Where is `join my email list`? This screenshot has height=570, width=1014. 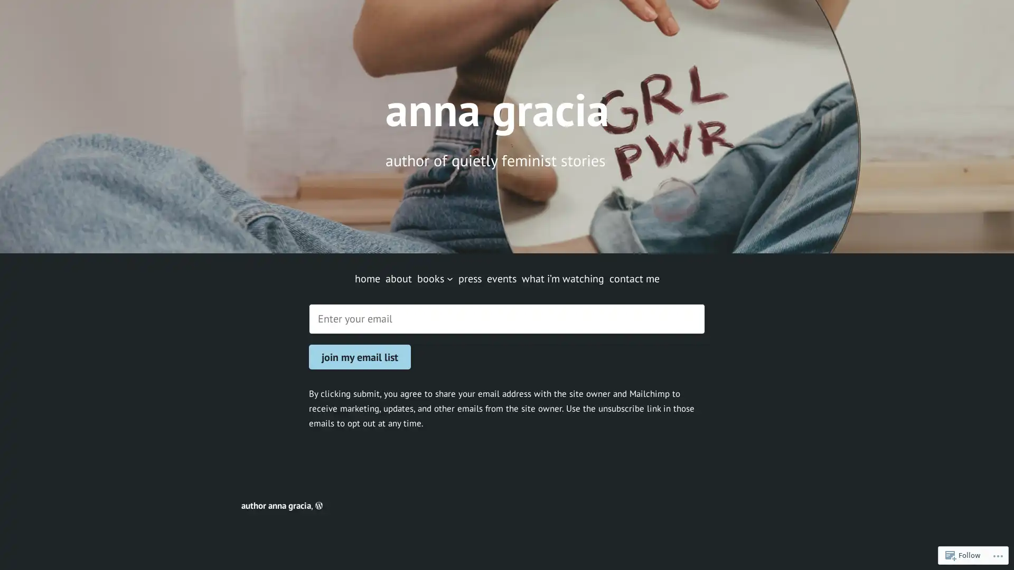
join my email list is located at coordinates (360, 356).